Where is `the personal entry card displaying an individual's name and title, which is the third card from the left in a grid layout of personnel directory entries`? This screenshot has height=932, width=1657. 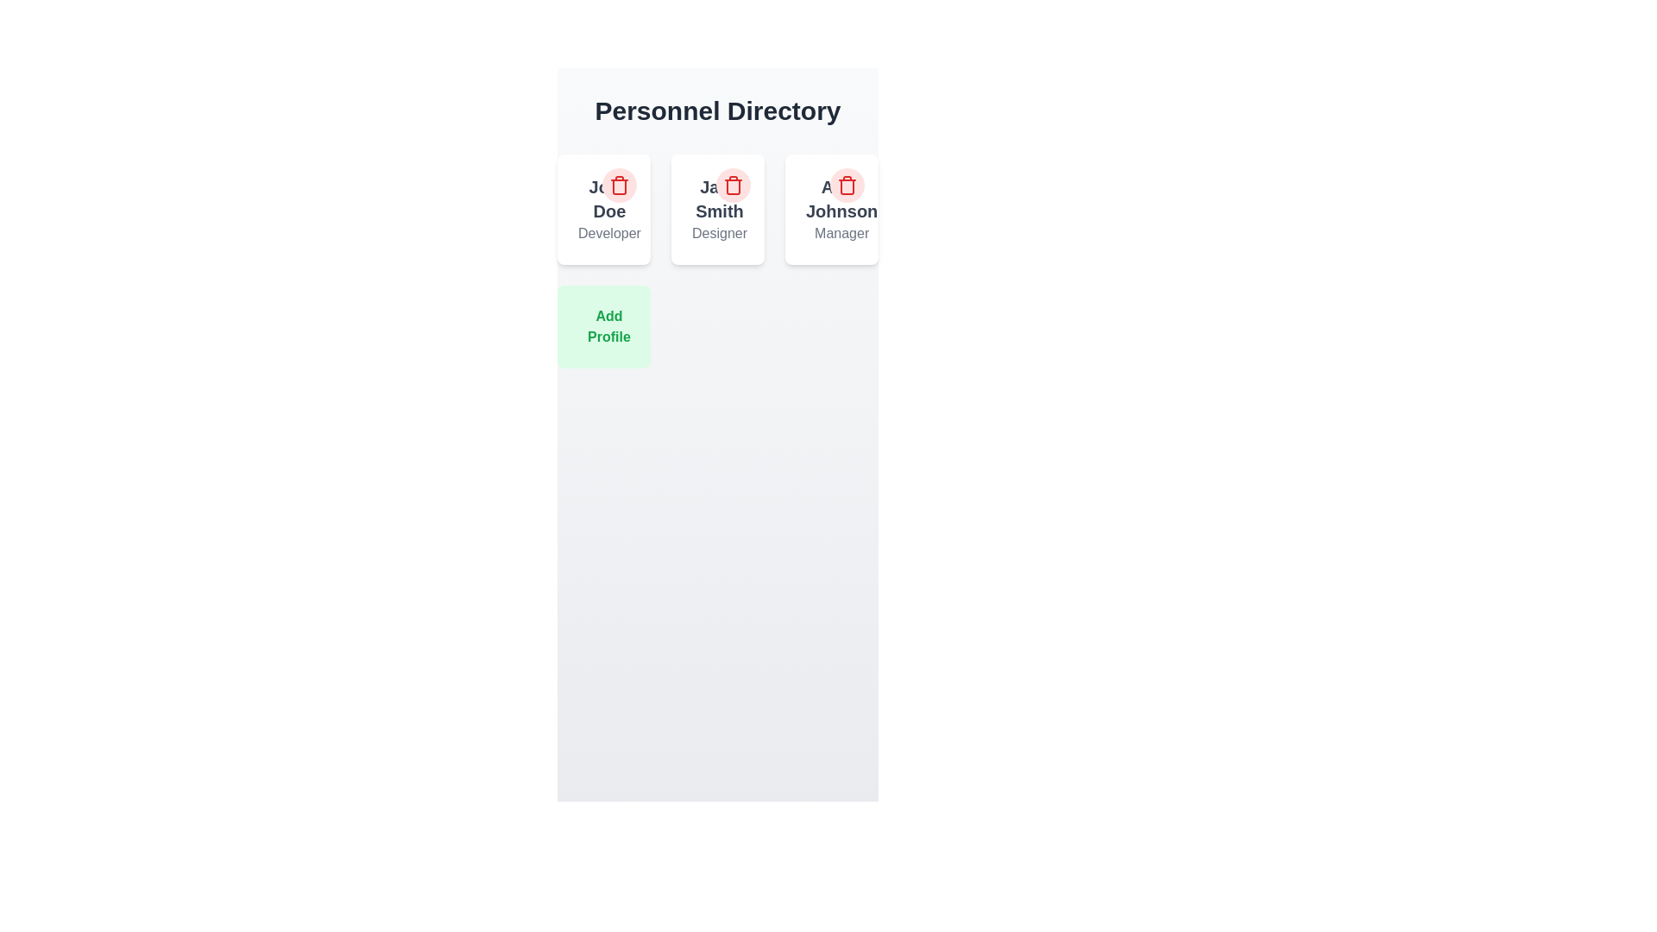
the personal entry card displaying an individual's name and title, which is the third card from the left in a grid layout of personnel directory entries is located at coordinates (841, 209).